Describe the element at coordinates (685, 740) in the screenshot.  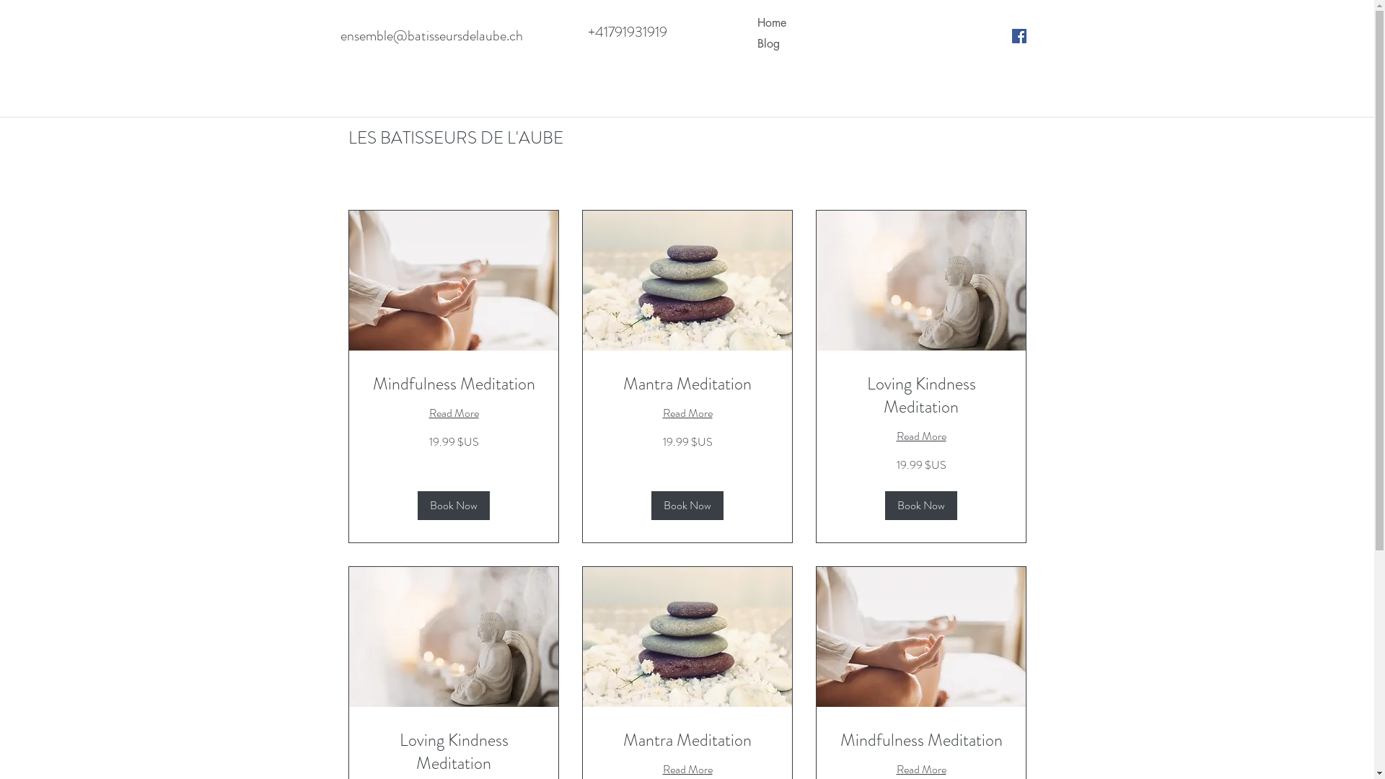
I see `'Mantra Meditation'` at that location.